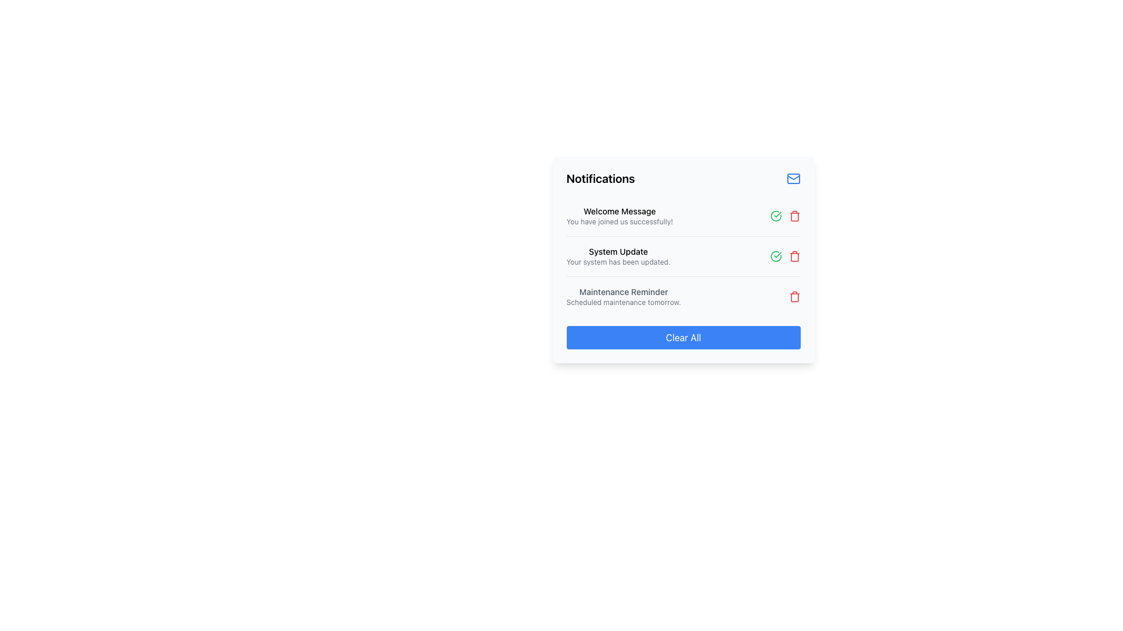  What do you see at coordinates (794, 256) in the screenshot?
I see `the trash bin icon located next to the 'System Update' notification entry` at bounding box center [794, 256].